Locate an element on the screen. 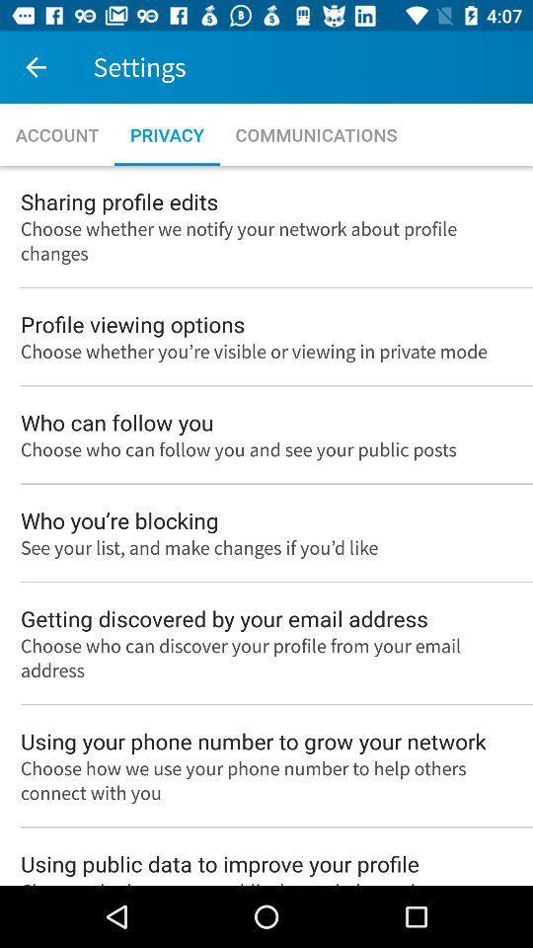 This screenshot has width=533, height=948. the item to the left of settings item is located at coordinates (36, 67).